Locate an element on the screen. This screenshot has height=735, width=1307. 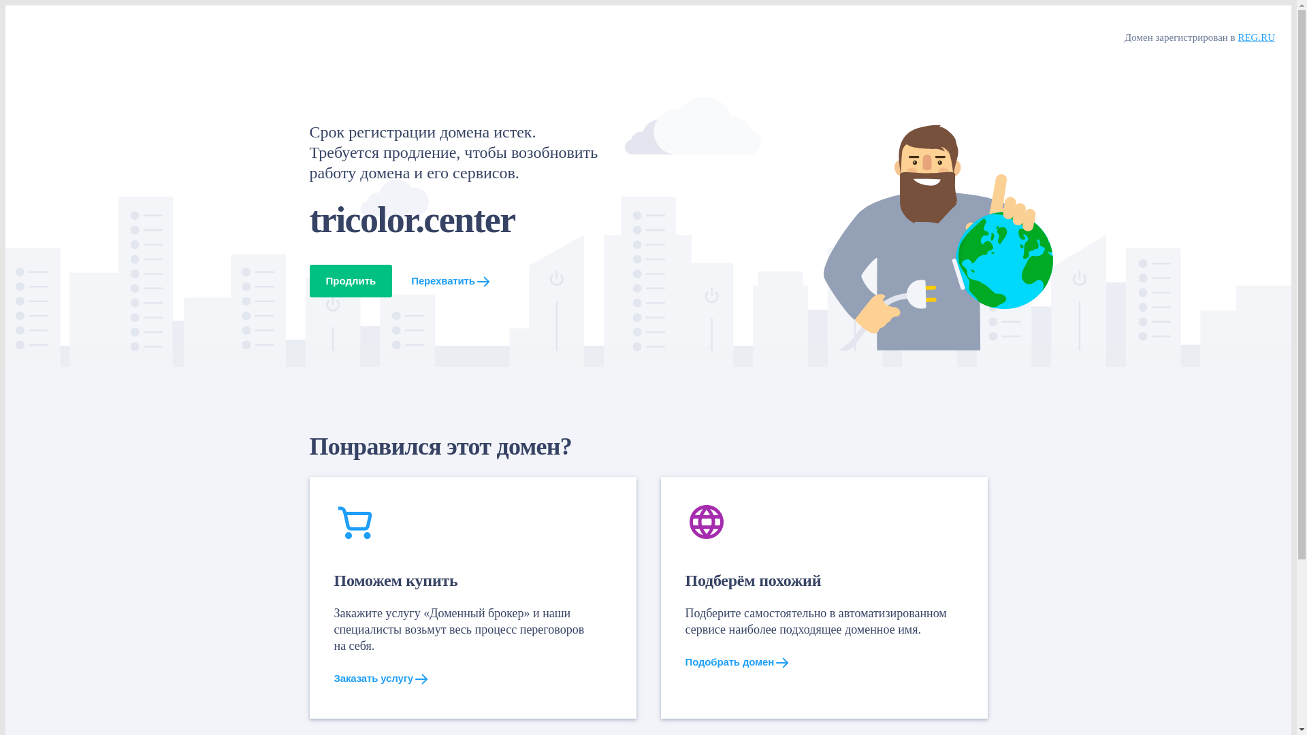
'REG.RU' is located at coordinates (1255, 36).